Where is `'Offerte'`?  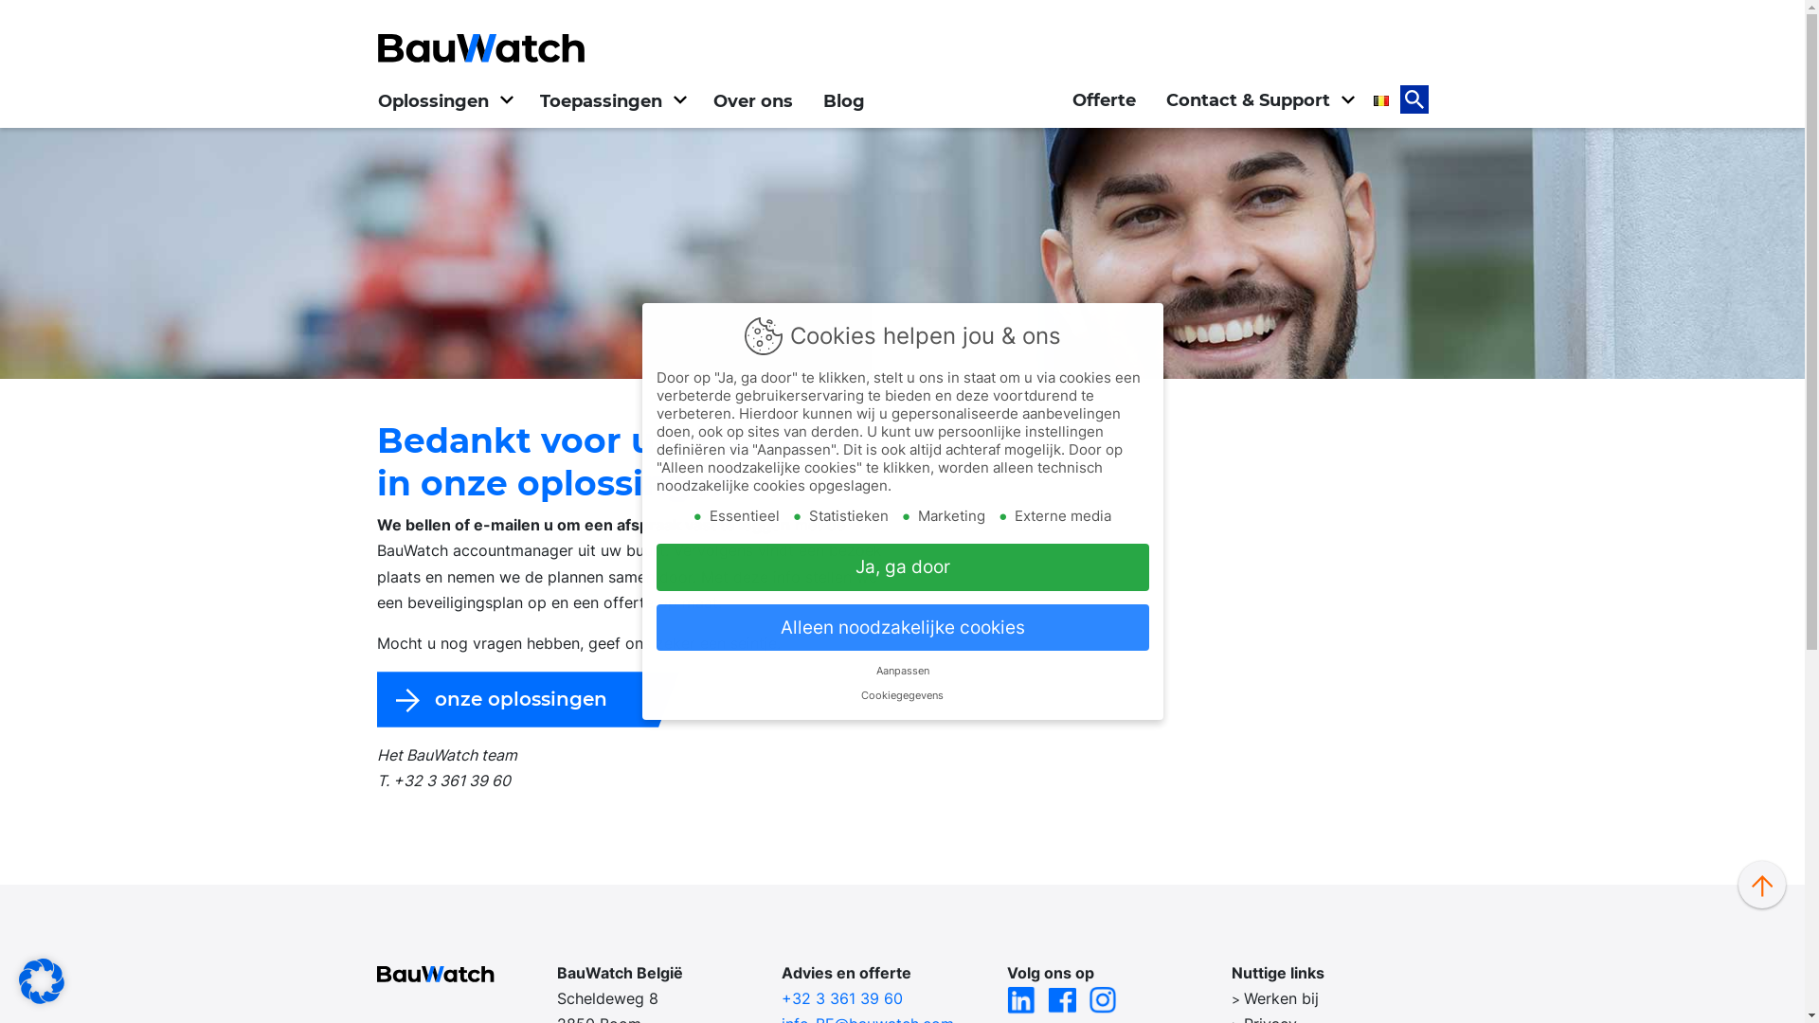 'Offerte' is located at coordinates (1104, 99).